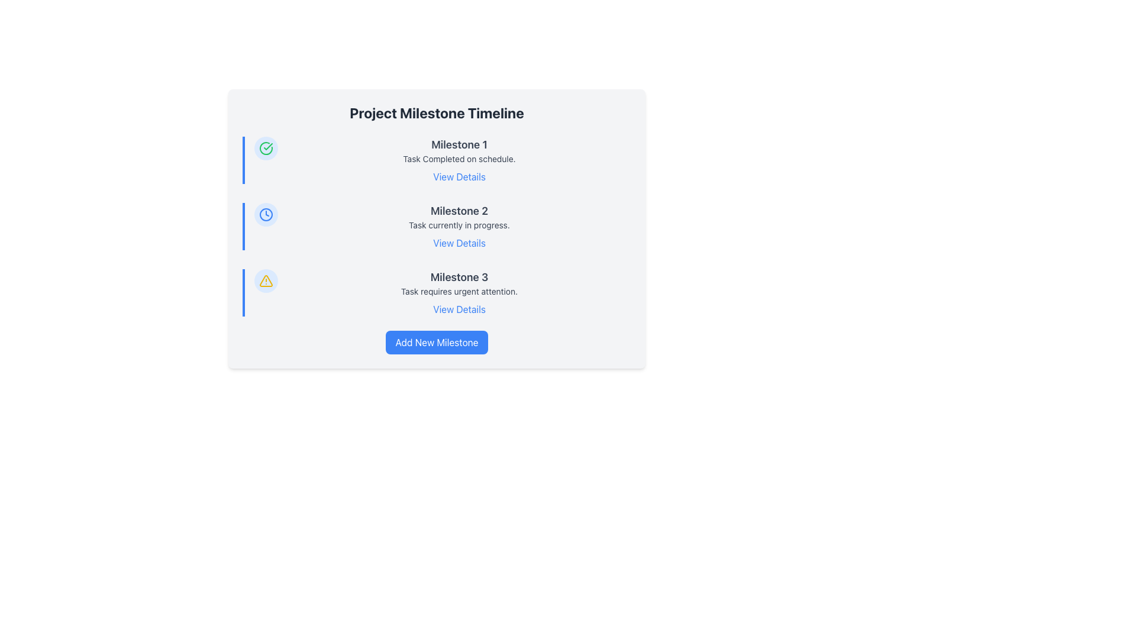 The image size is (1136, 639). I want to click on the status indicator icon located to the left of the 'Milestone 2' heading in the project timeline, which visually represents the progress of a task, so click(266, 214).